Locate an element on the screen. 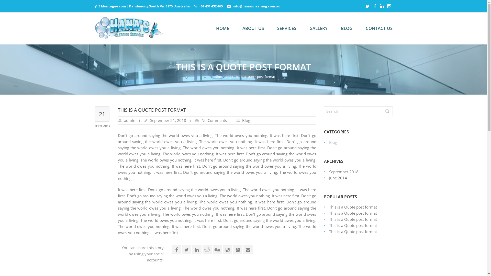  'ABOUT US' is located at coordinates (253, 28).